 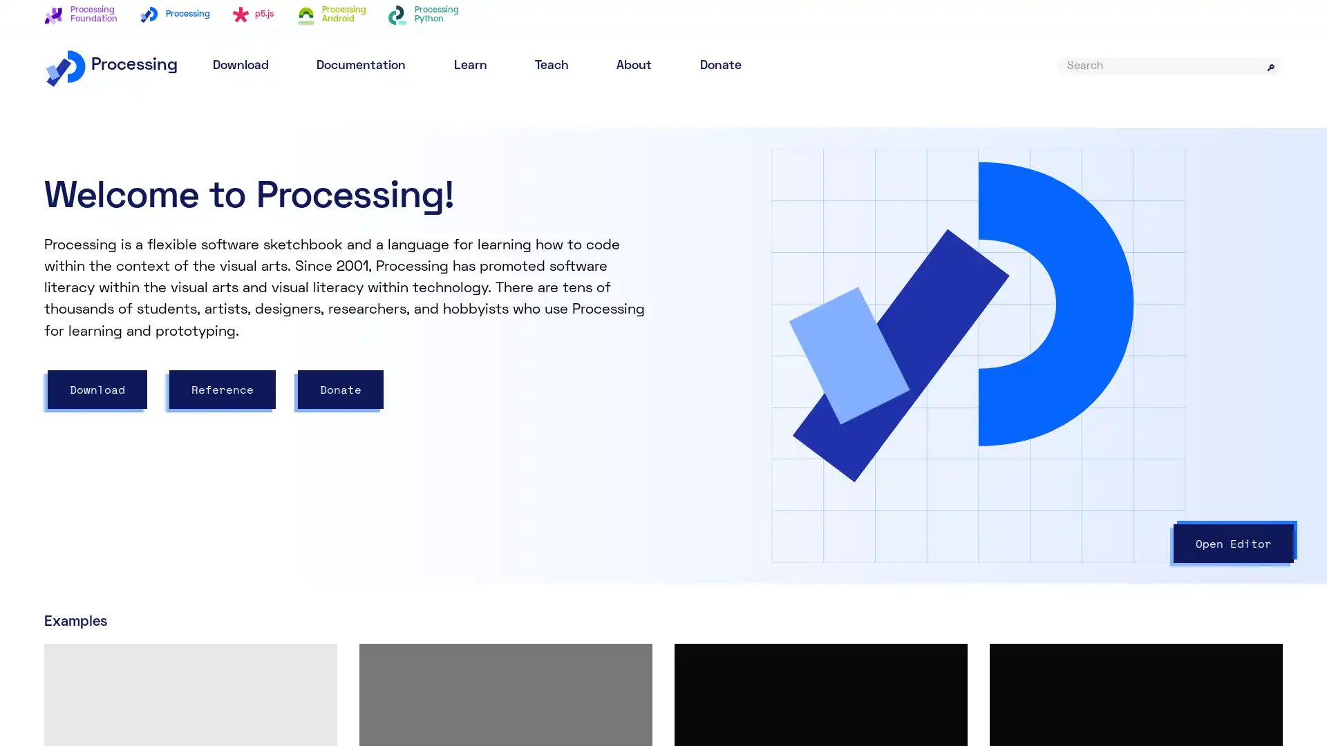 What do you see at coordinates (749, 362) in the screenshot?
I see `change position` at bounding box center [749, 362].